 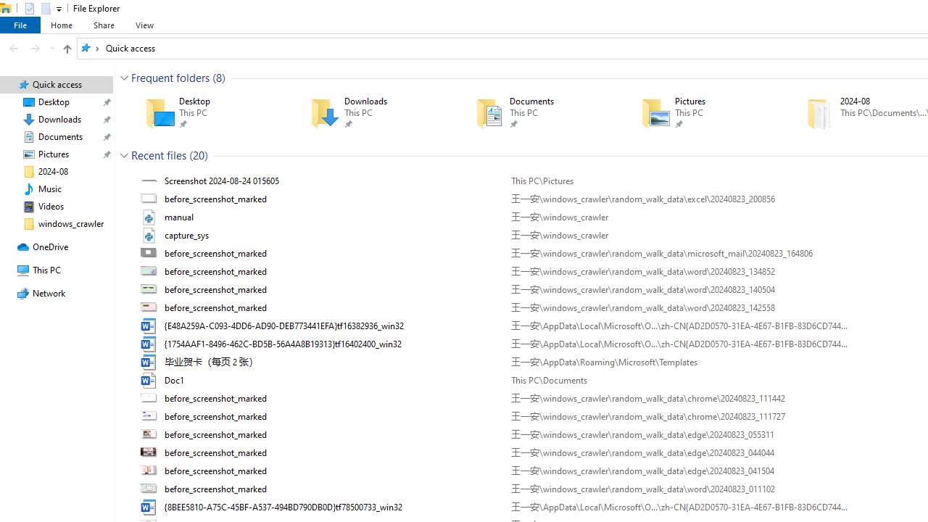 I want to click on 'Quick Access Toolbar', so click(x=37, y=8).